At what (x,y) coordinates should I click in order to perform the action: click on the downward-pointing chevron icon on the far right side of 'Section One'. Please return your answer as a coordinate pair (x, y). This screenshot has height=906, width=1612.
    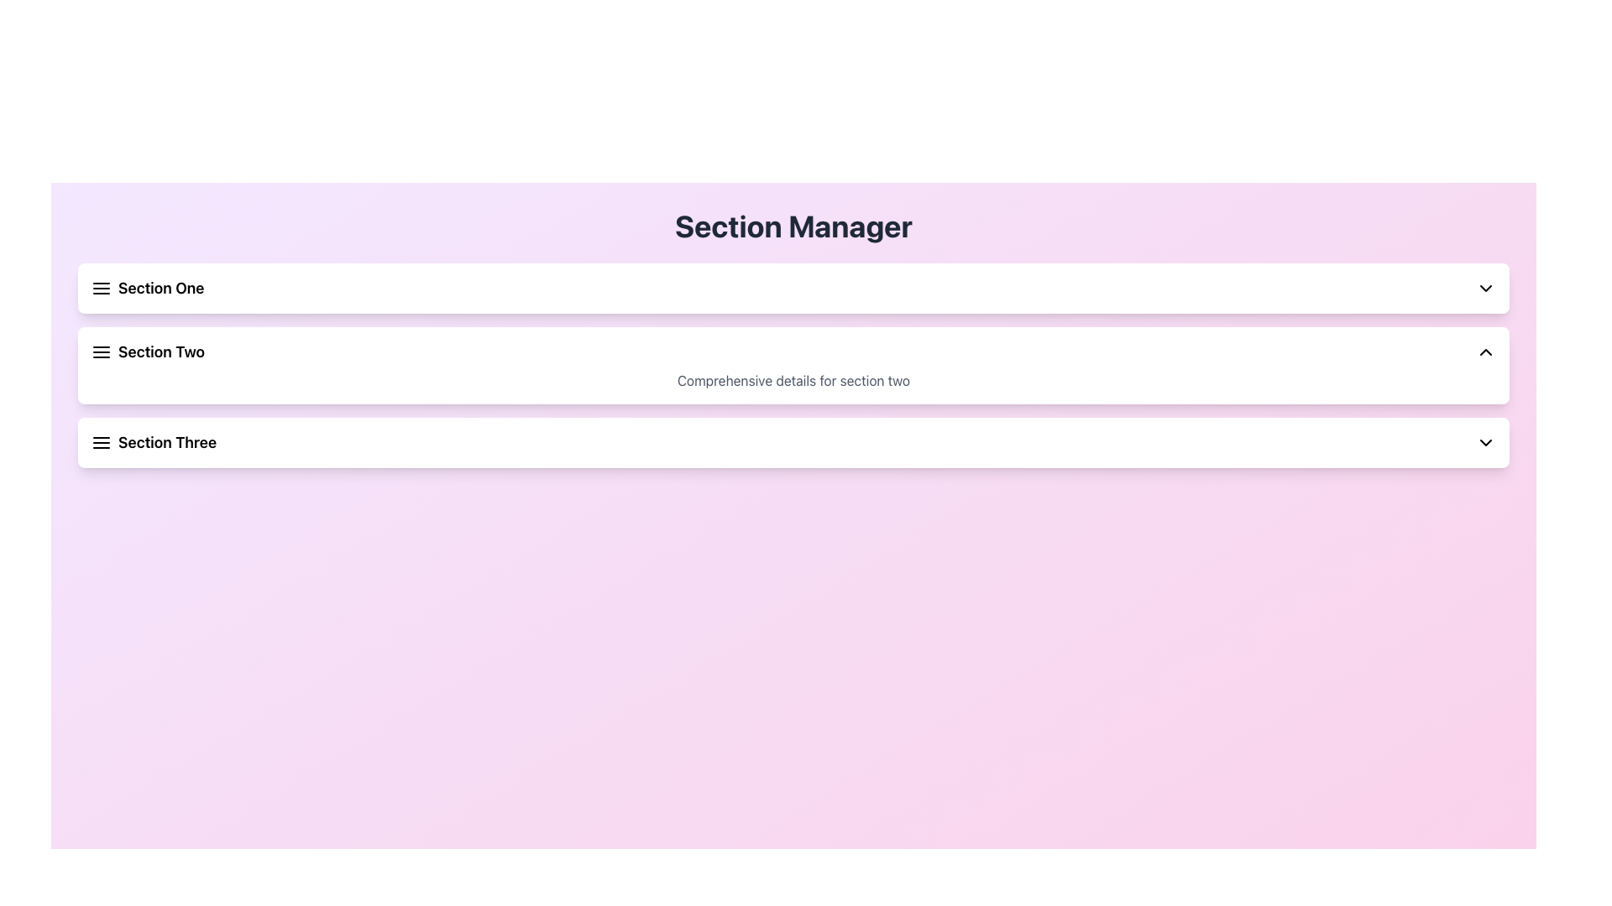
    Looking at the image, I should click on (1486, 287).